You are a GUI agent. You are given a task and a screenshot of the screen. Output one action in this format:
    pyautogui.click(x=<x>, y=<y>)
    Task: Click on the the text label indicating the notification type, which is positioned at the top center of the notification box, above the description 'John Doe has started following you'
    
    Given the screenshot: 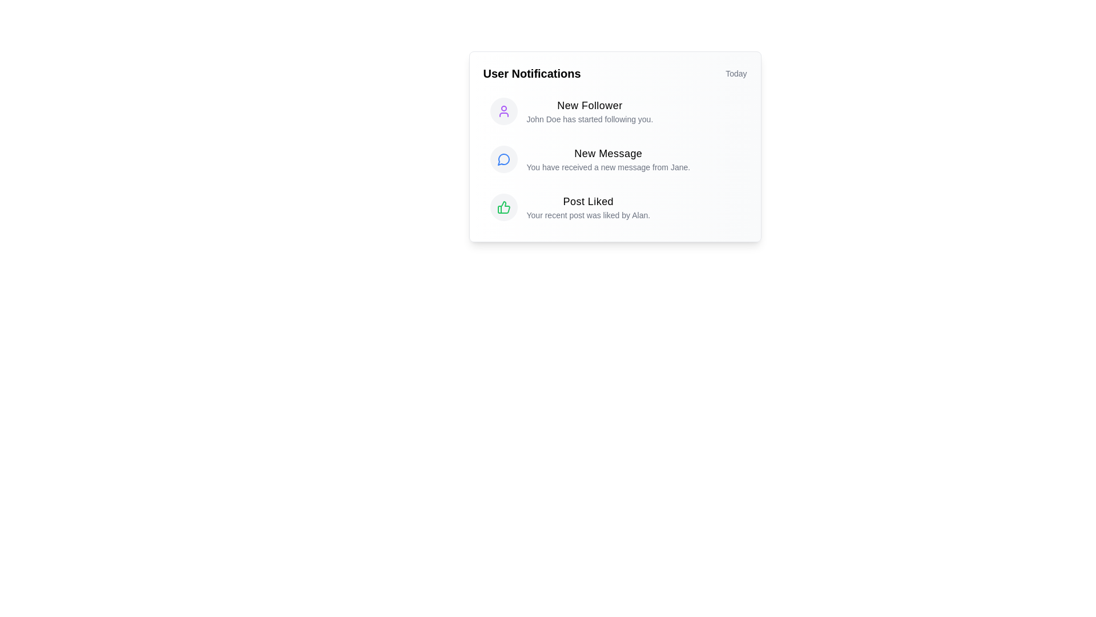 What is the action you would take?
    pyautogui.click(x=590, y=106)
    